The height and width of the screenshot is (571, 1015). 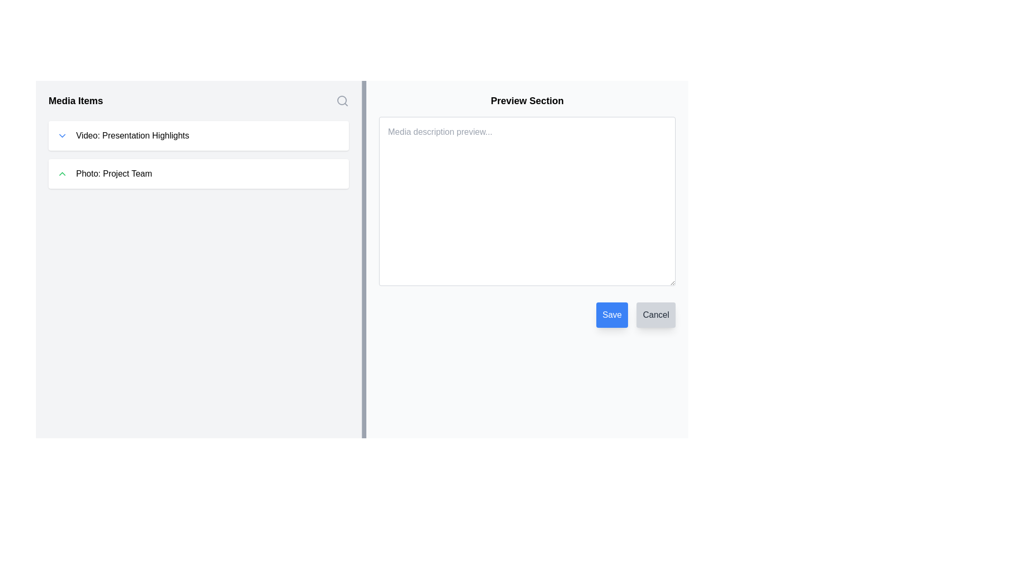 I want to click on the Header text that serves as a section title for the content below, providing users with identification of the section's purpose, so click(x=527, y=101).